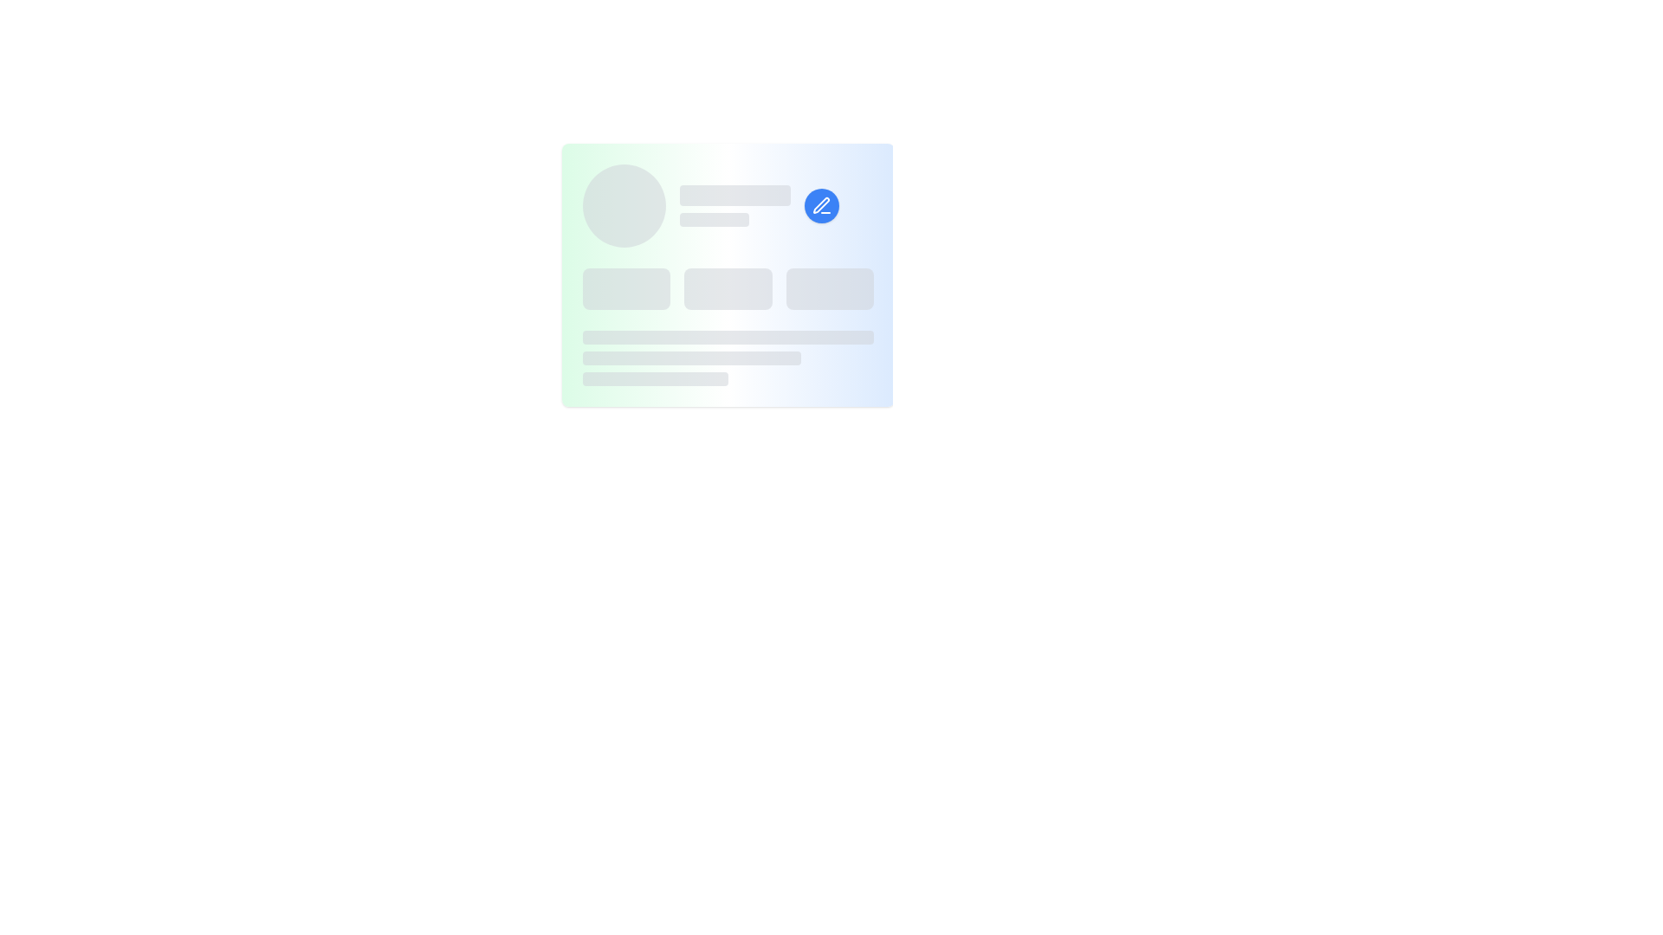 Image resolution: width=1663 pixels, height=935 pixels. Describe the element at coordinates (829, 288) in the screenshot. I see `the Placeholder element located in the bottom-right slot of the three-column grid layout, which serves as a decorative block or loading state` at that location.